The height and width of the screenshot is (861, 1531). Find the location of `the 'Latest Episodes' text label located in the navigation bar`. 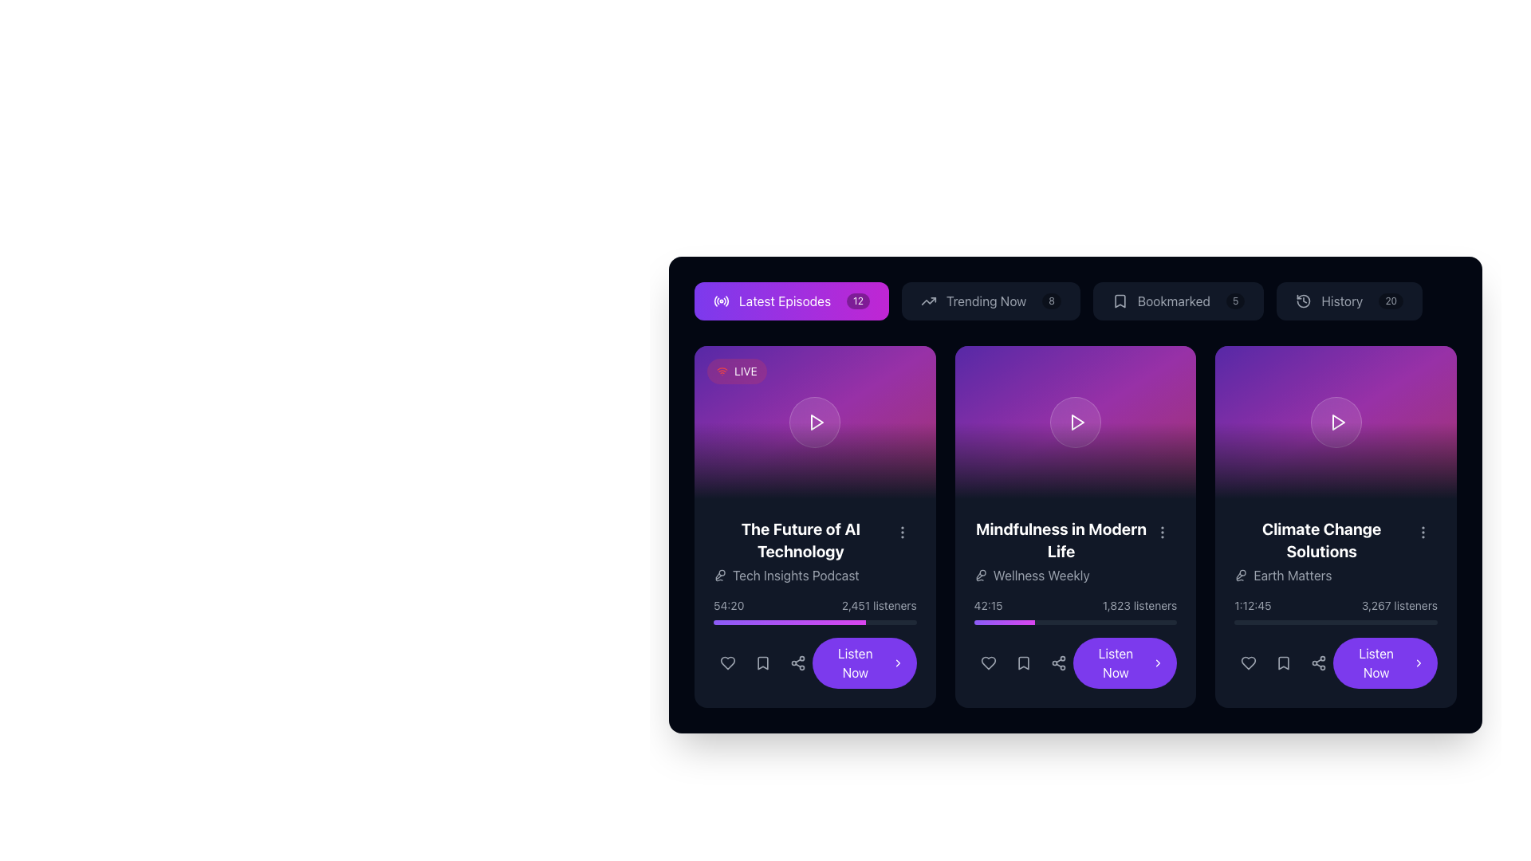

the 'Latest Episodes' text label located in the navigation bar is located at coordinates (785, 301).